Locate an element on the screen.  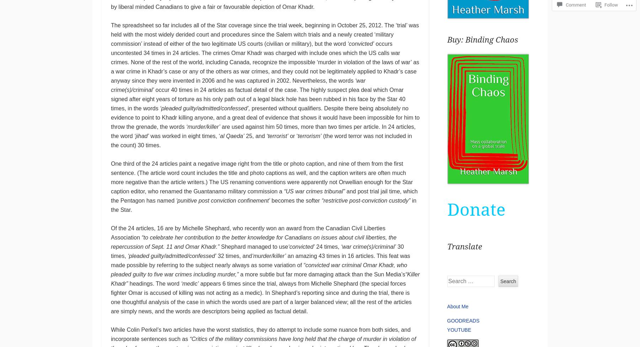
'GOODREADS' is located at coordinates (463, 320).